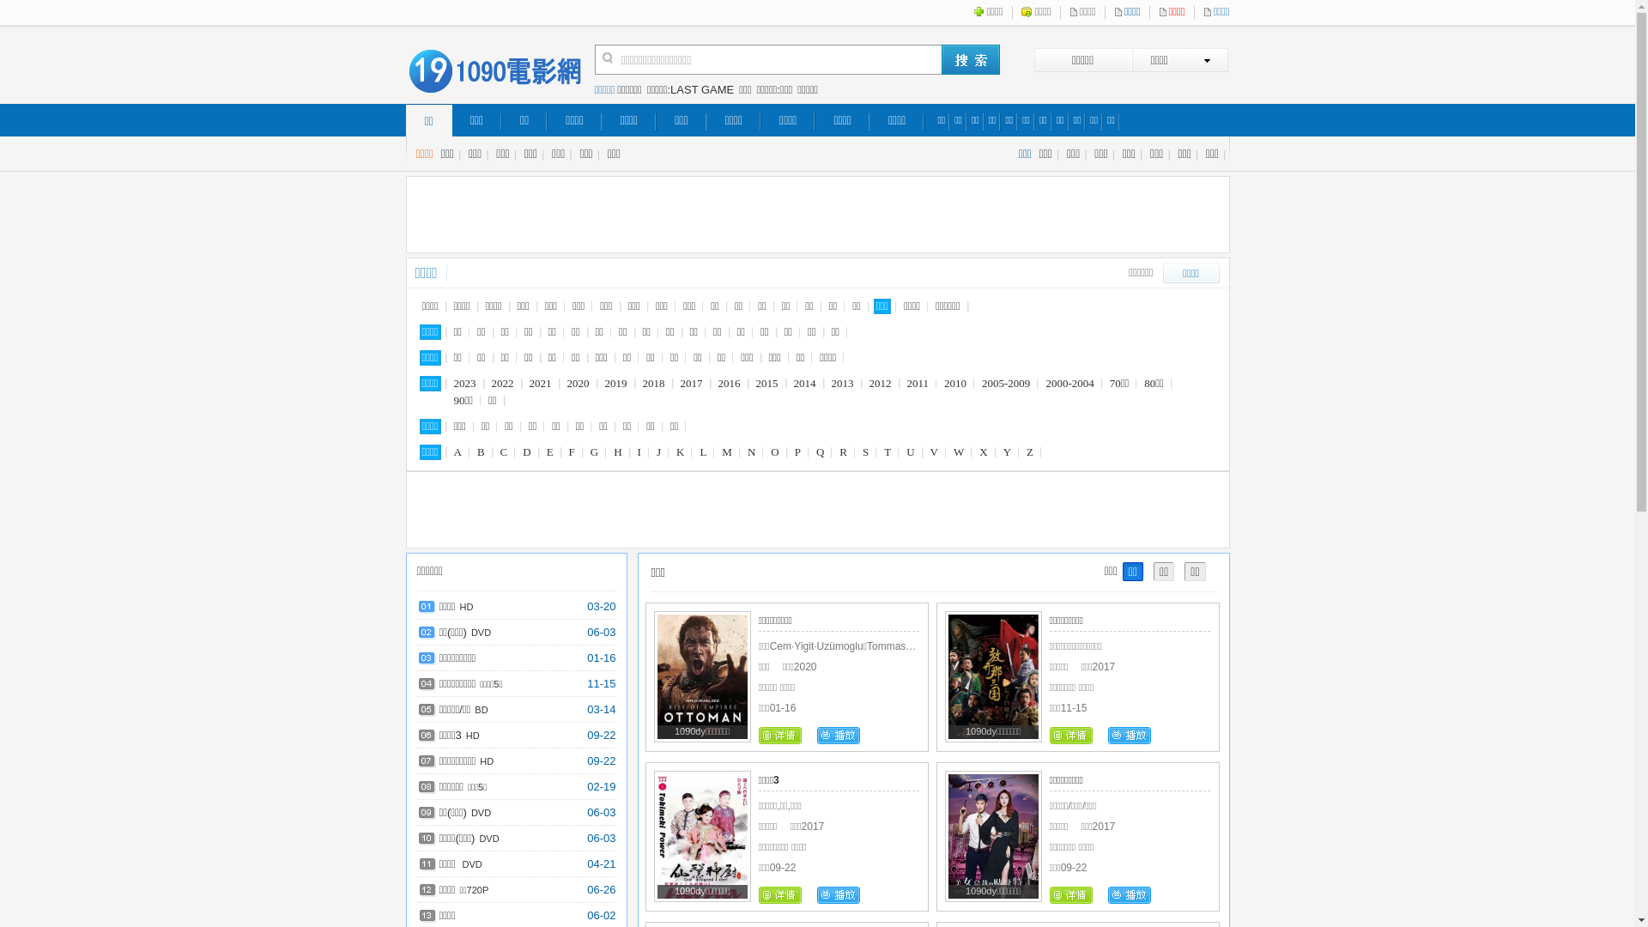  What do you see at coordinates (578, 383) in the screenshot?
I see `'2020'` at bounding box center [578, 383].